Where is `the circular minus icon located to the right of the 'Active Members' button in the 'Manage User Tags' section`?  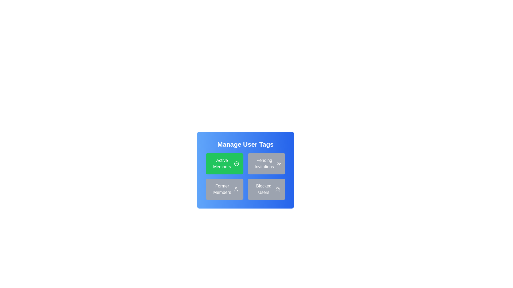 the circular minus icon located to the right of the 'Active Members' button in the 'Manage User Tags' section is located at coordinates (236, 163).